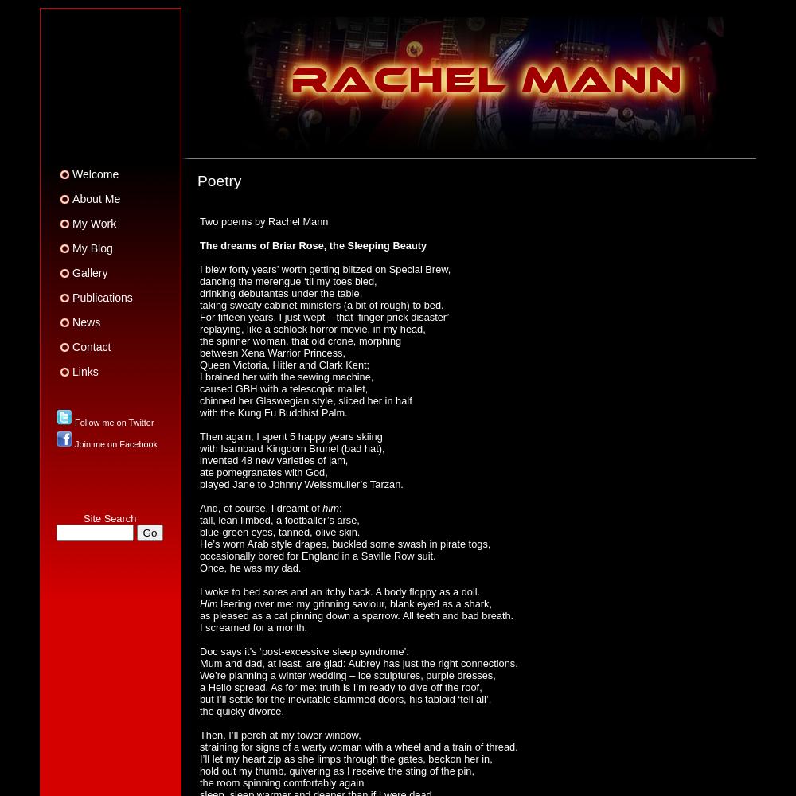 The width and height of the screenshot is (796, 796). I want to click on 'Contact', so click(91, 347).